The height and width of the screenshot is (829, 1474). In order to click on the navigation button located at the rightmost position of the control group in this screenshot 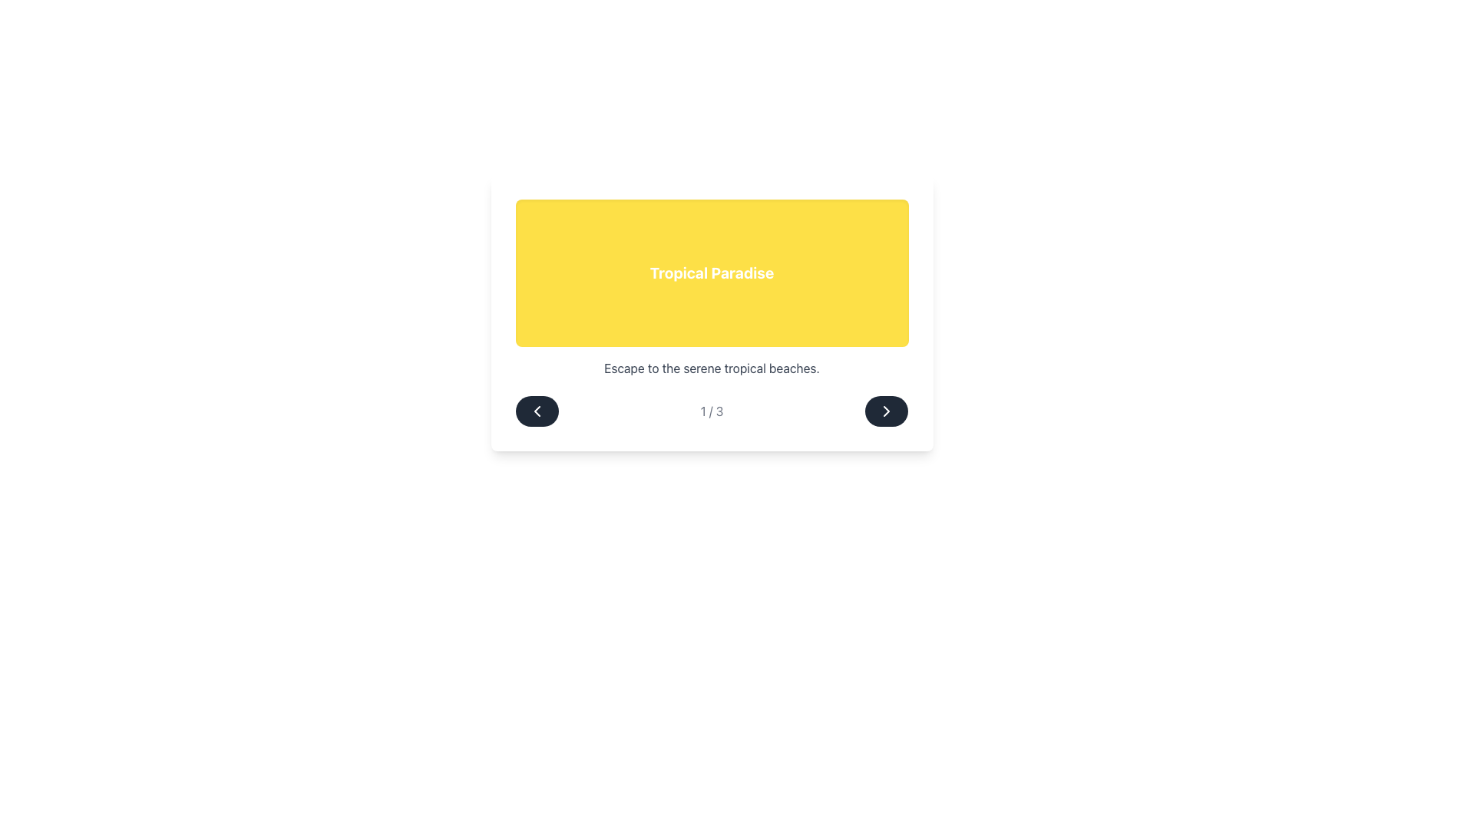, I will do `click(887, 411)`.